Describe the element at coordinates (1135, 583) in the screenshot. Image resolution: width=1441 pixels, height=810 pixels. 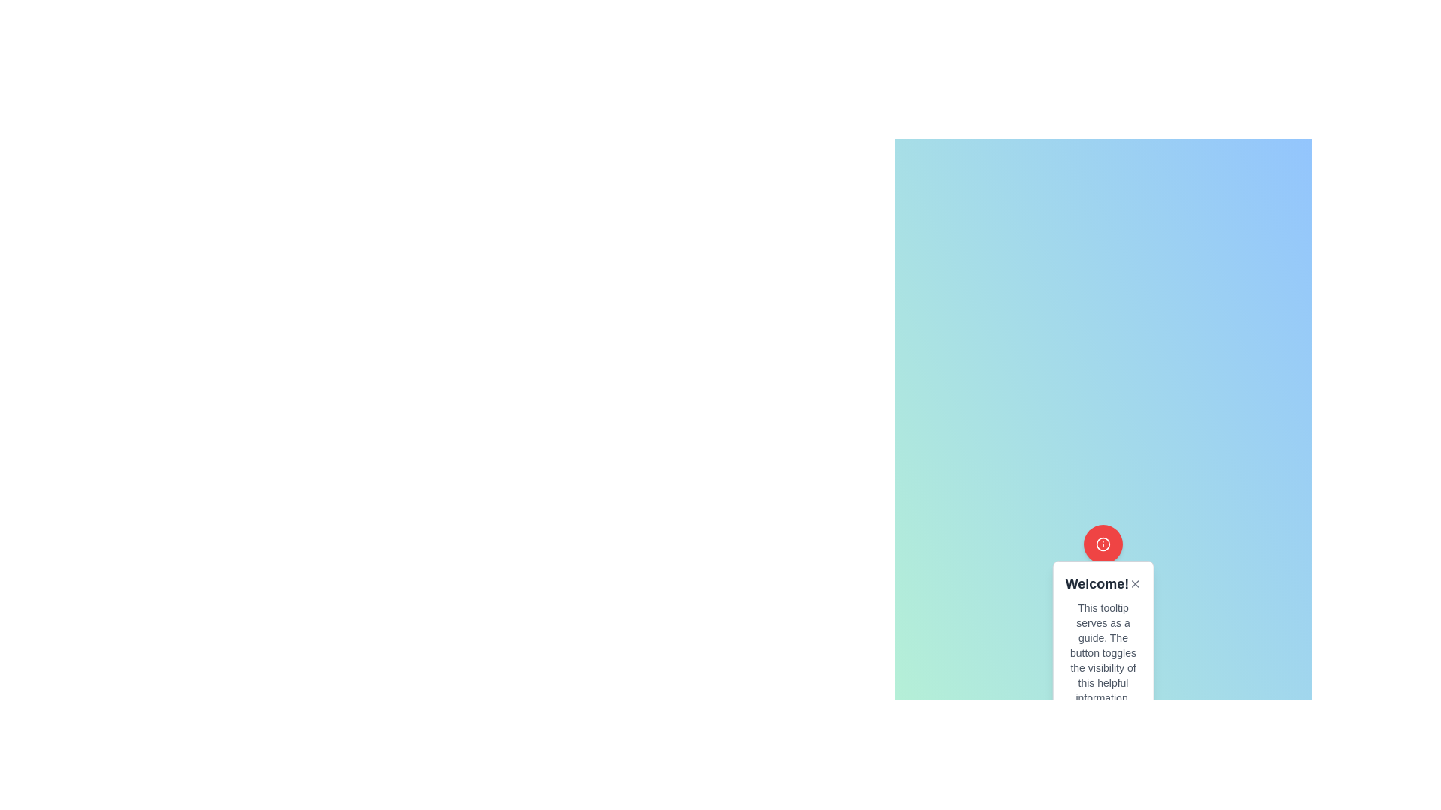
I see `the close icon button, which is a light gray cross symbol located to the right of the text 'Welcome!', to observe the hover effect` at that location.